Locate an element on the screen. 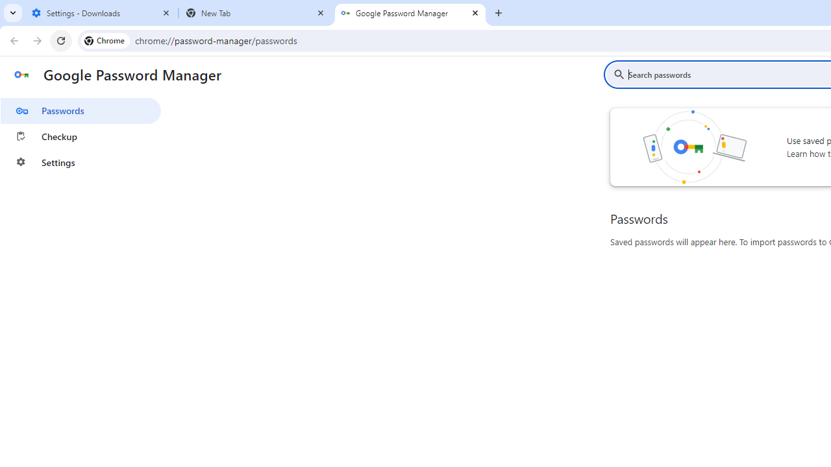  'New Tab' is located at coordinates (256, 13).